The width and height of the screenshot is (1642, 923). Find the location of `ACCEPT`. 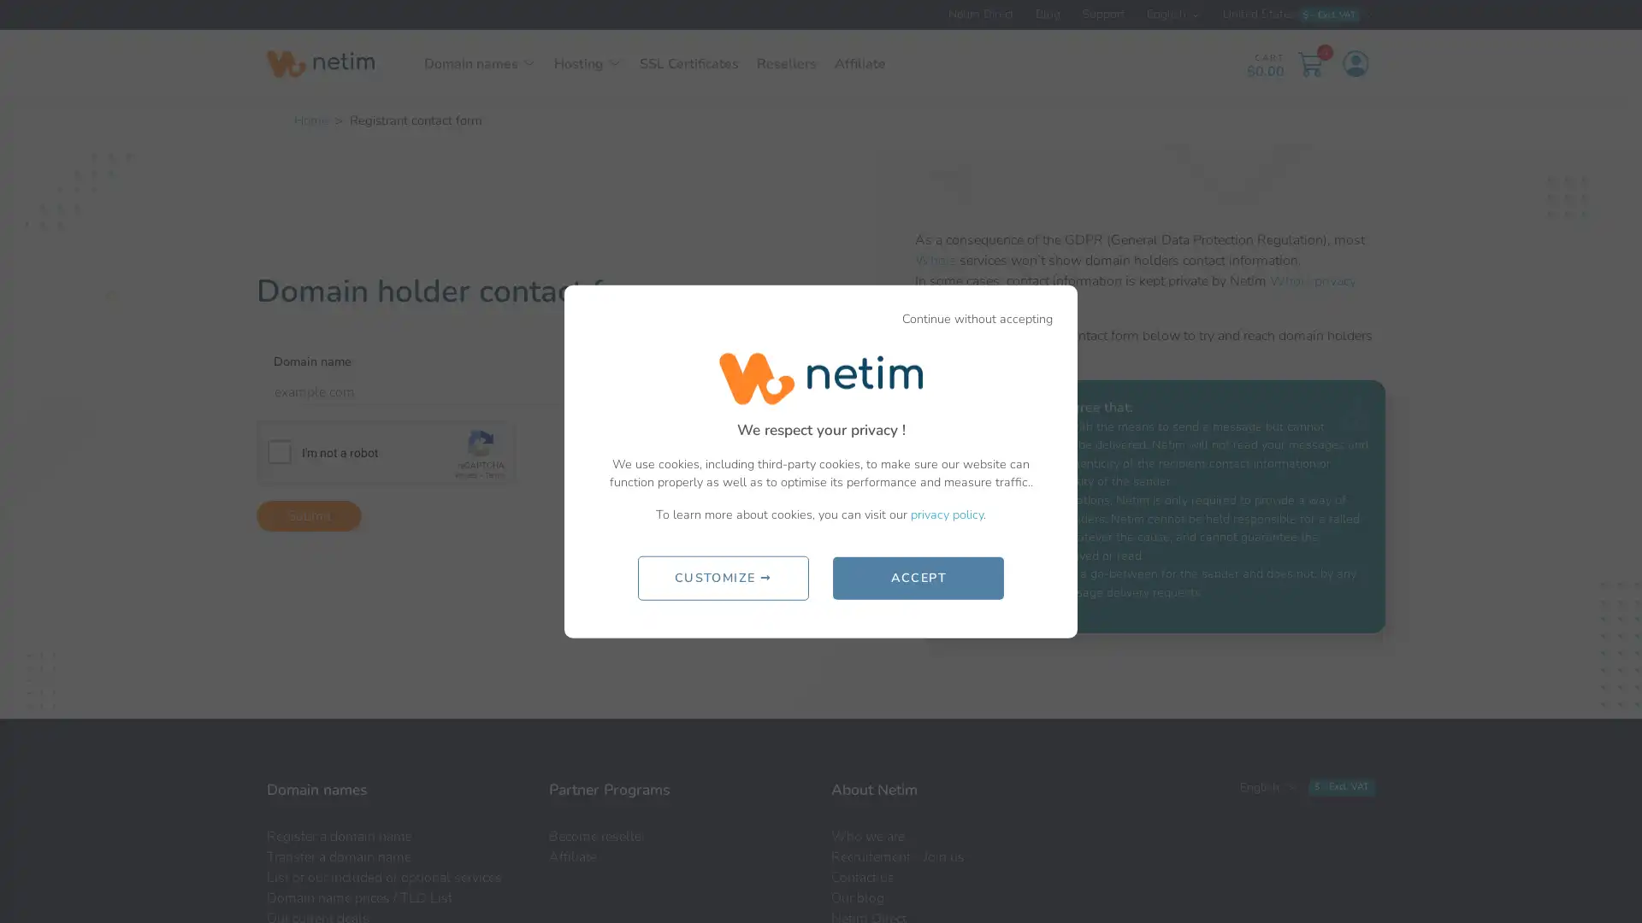

ACCEPT is located at coordinates (918, 577).